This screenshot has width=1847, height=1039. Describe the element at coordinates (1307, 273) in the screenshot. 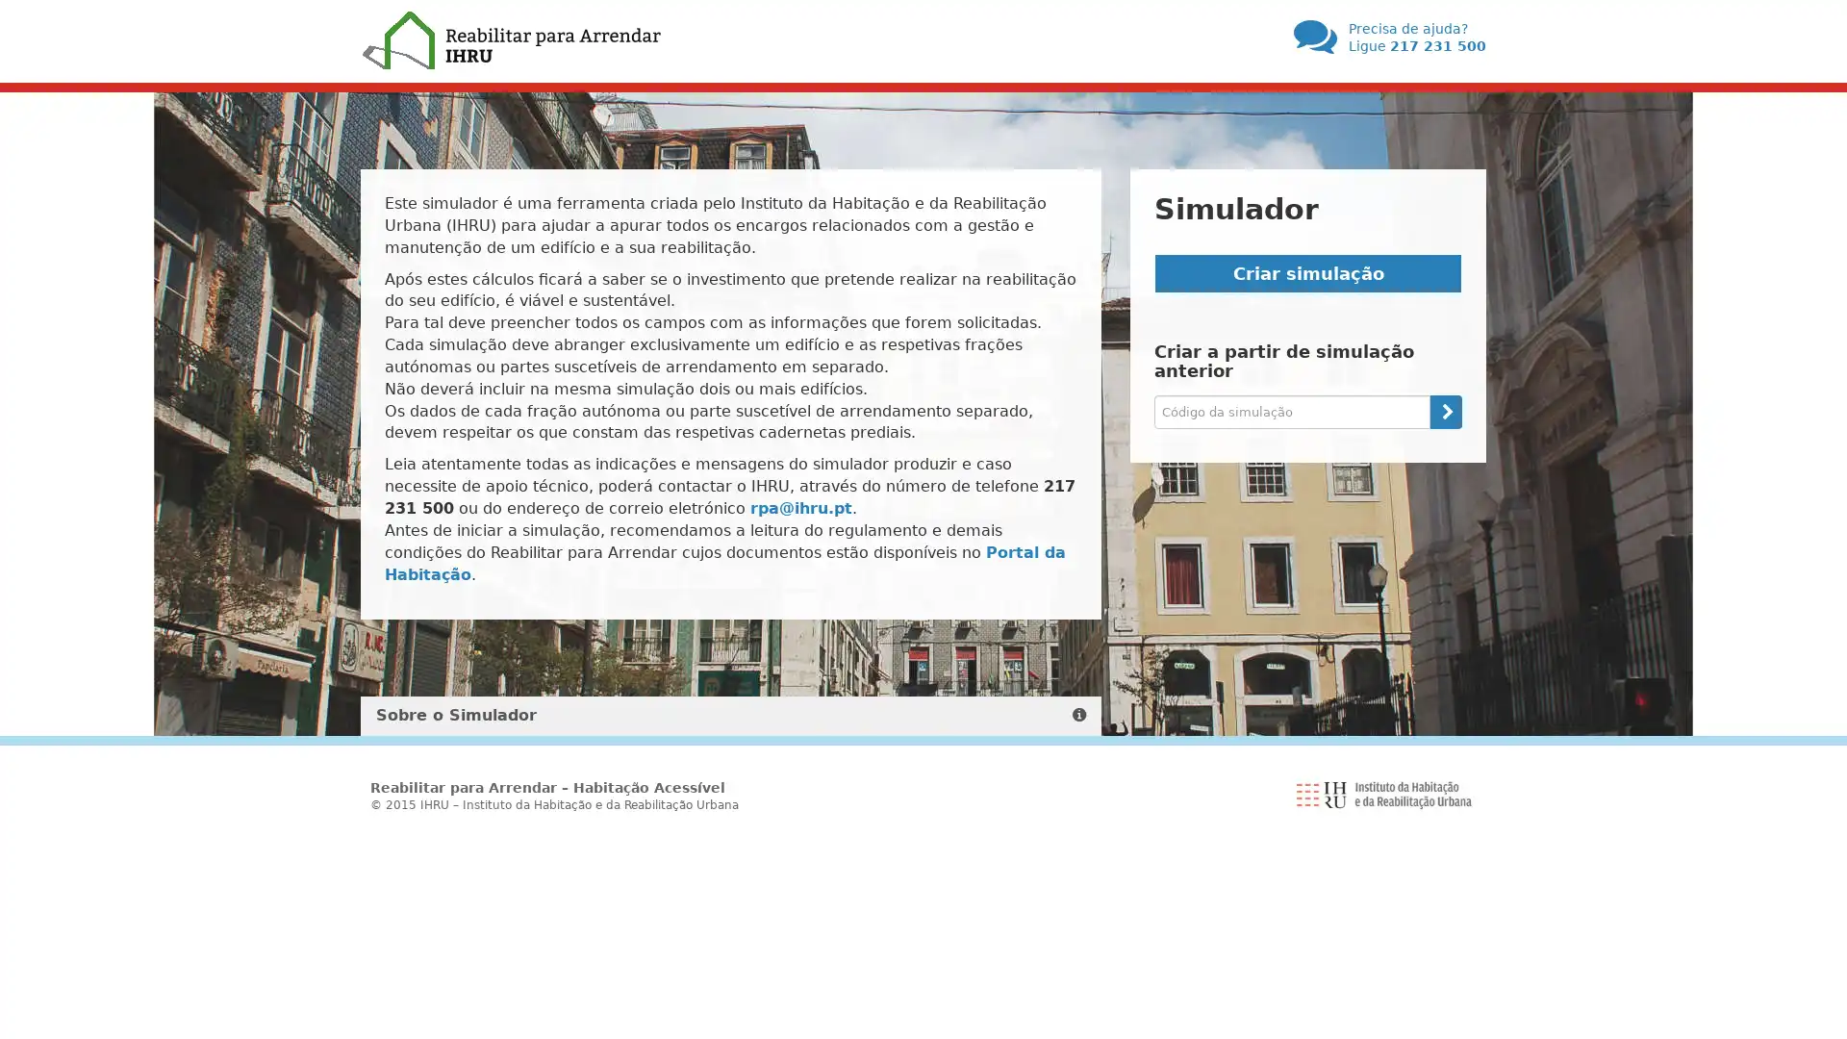

I see `Criar simulacao` at that location.